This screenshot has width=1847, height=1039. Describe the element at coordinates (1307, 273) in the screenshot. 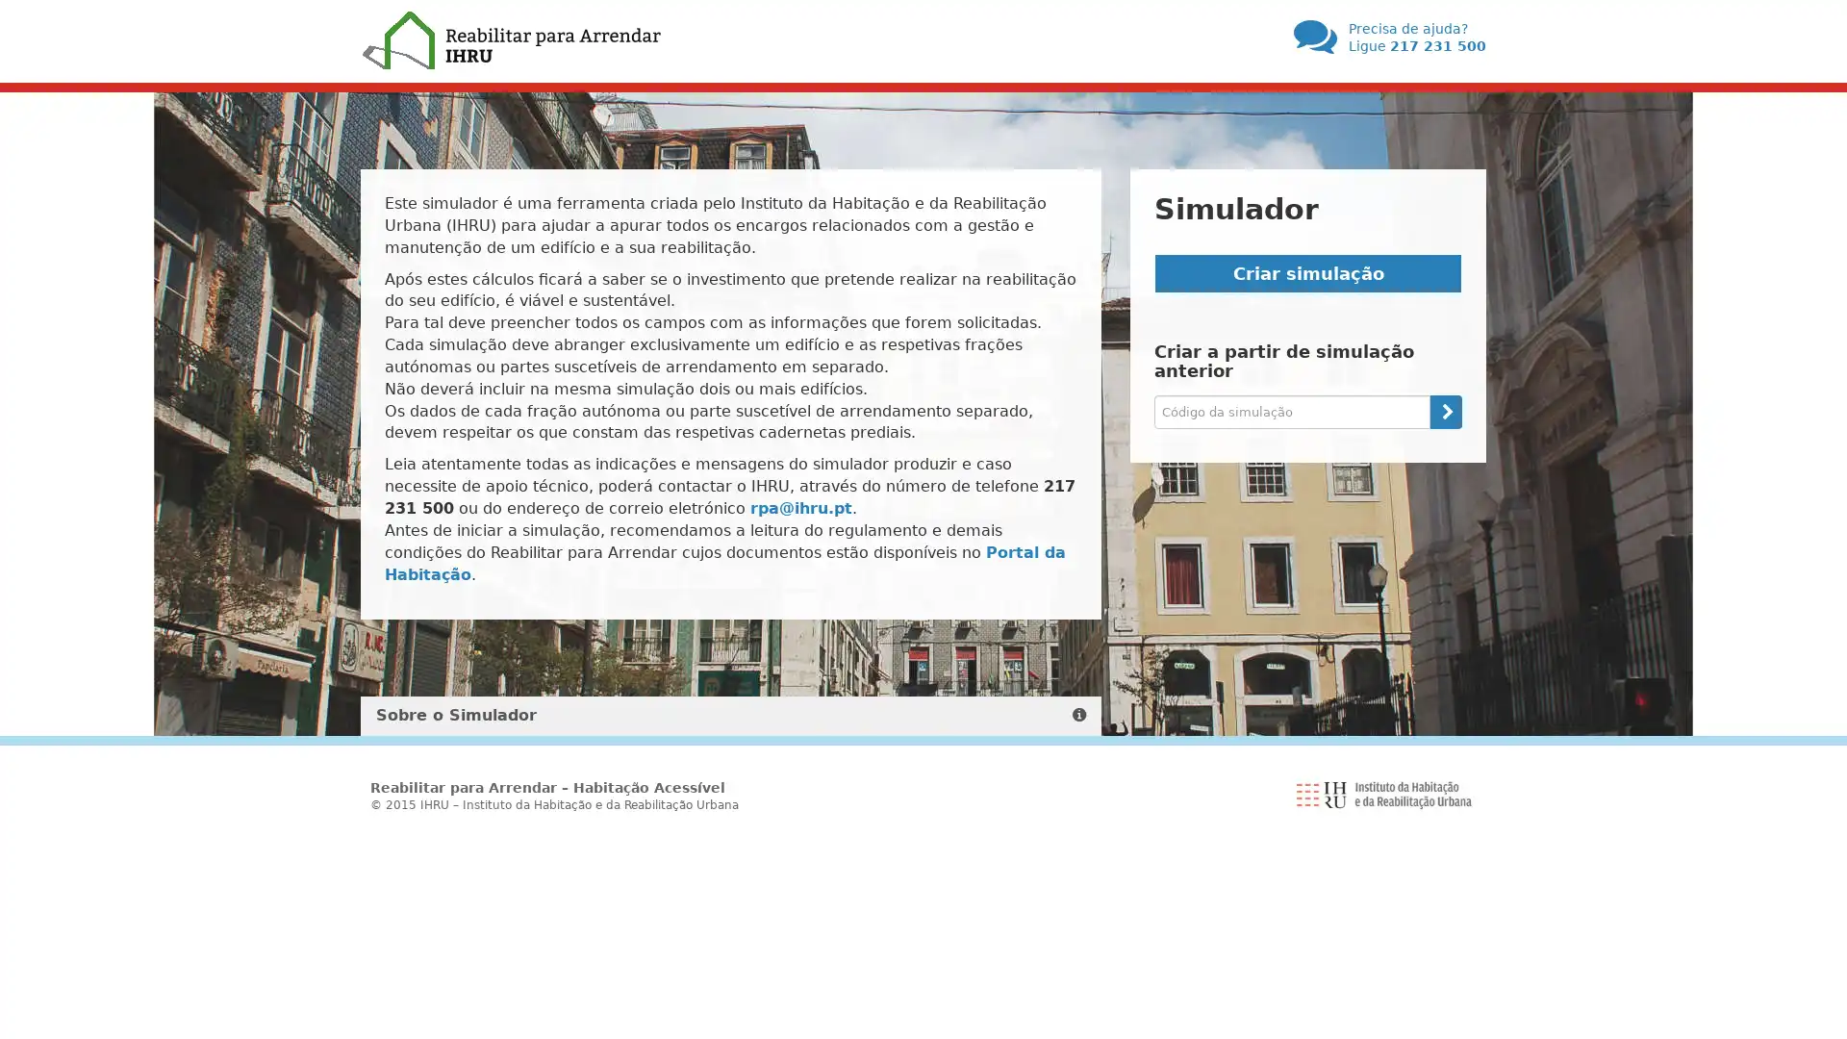

I see `Criar simulacao` at that location.